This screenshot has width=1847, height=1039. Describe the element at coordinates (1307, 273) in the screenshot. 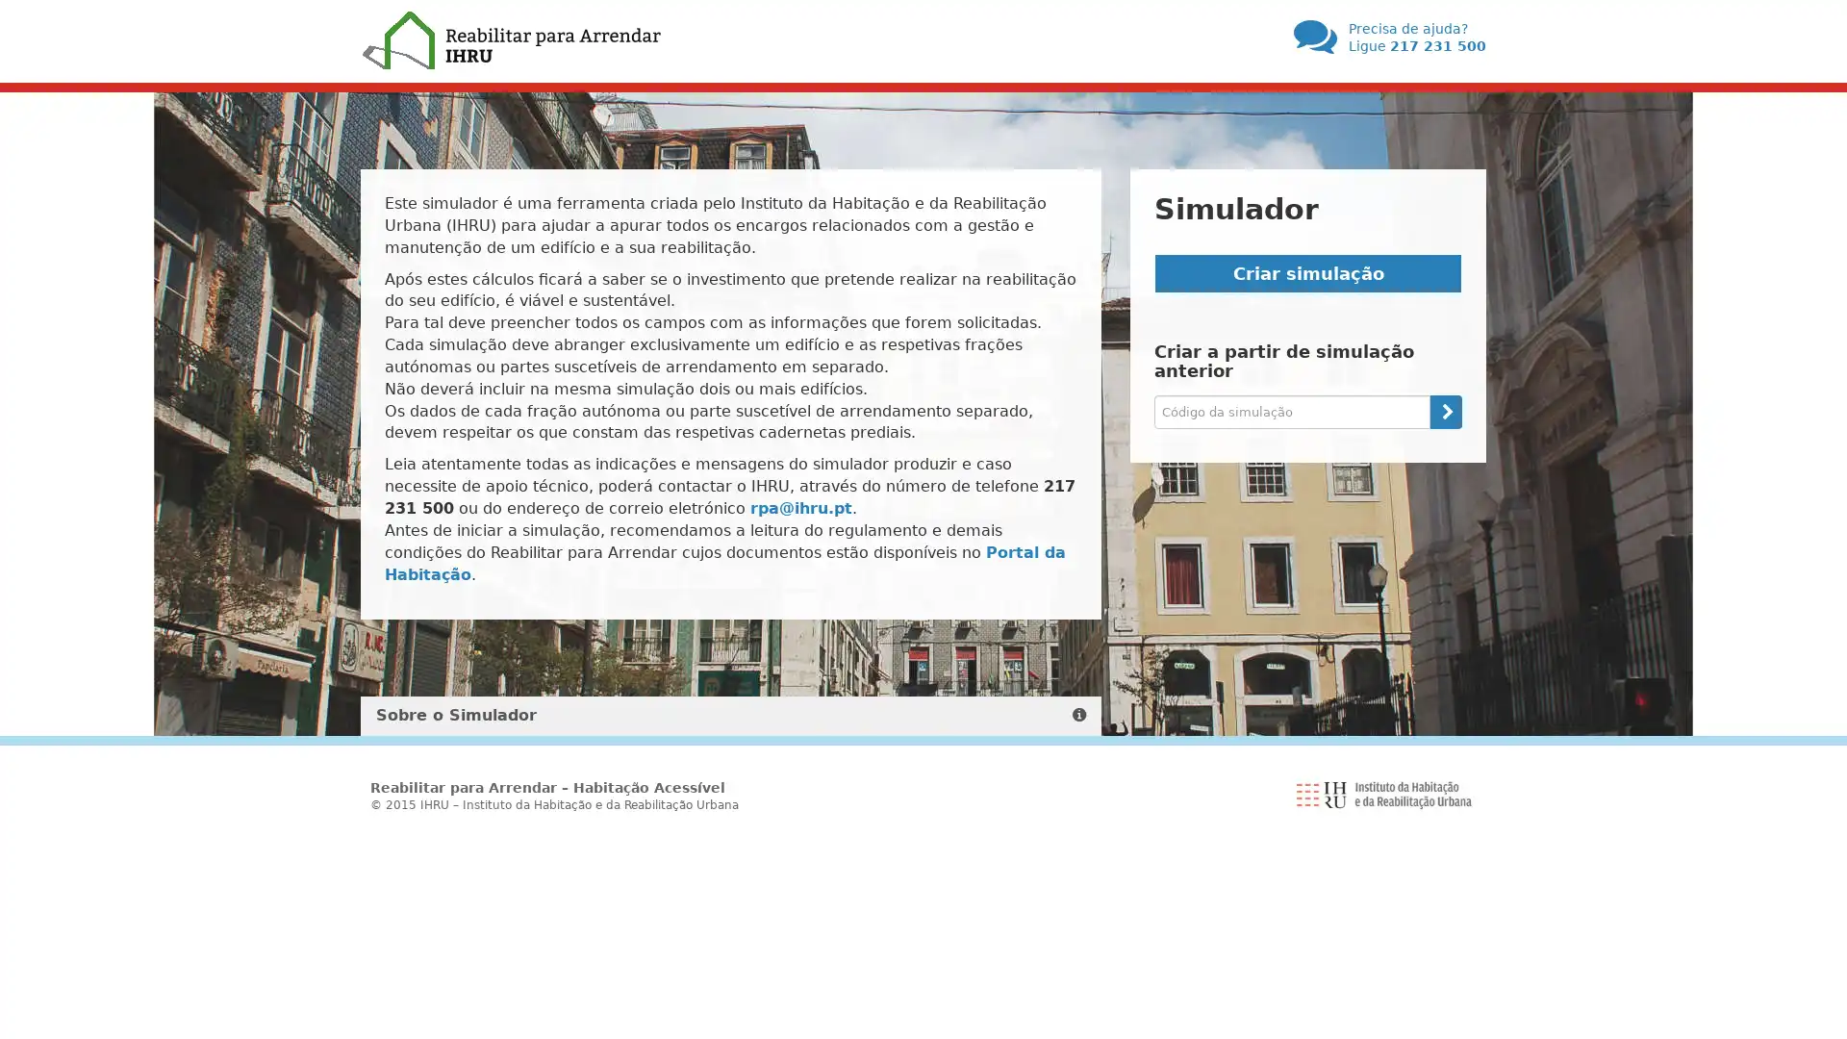

I see `Criar simulacao` at that location.